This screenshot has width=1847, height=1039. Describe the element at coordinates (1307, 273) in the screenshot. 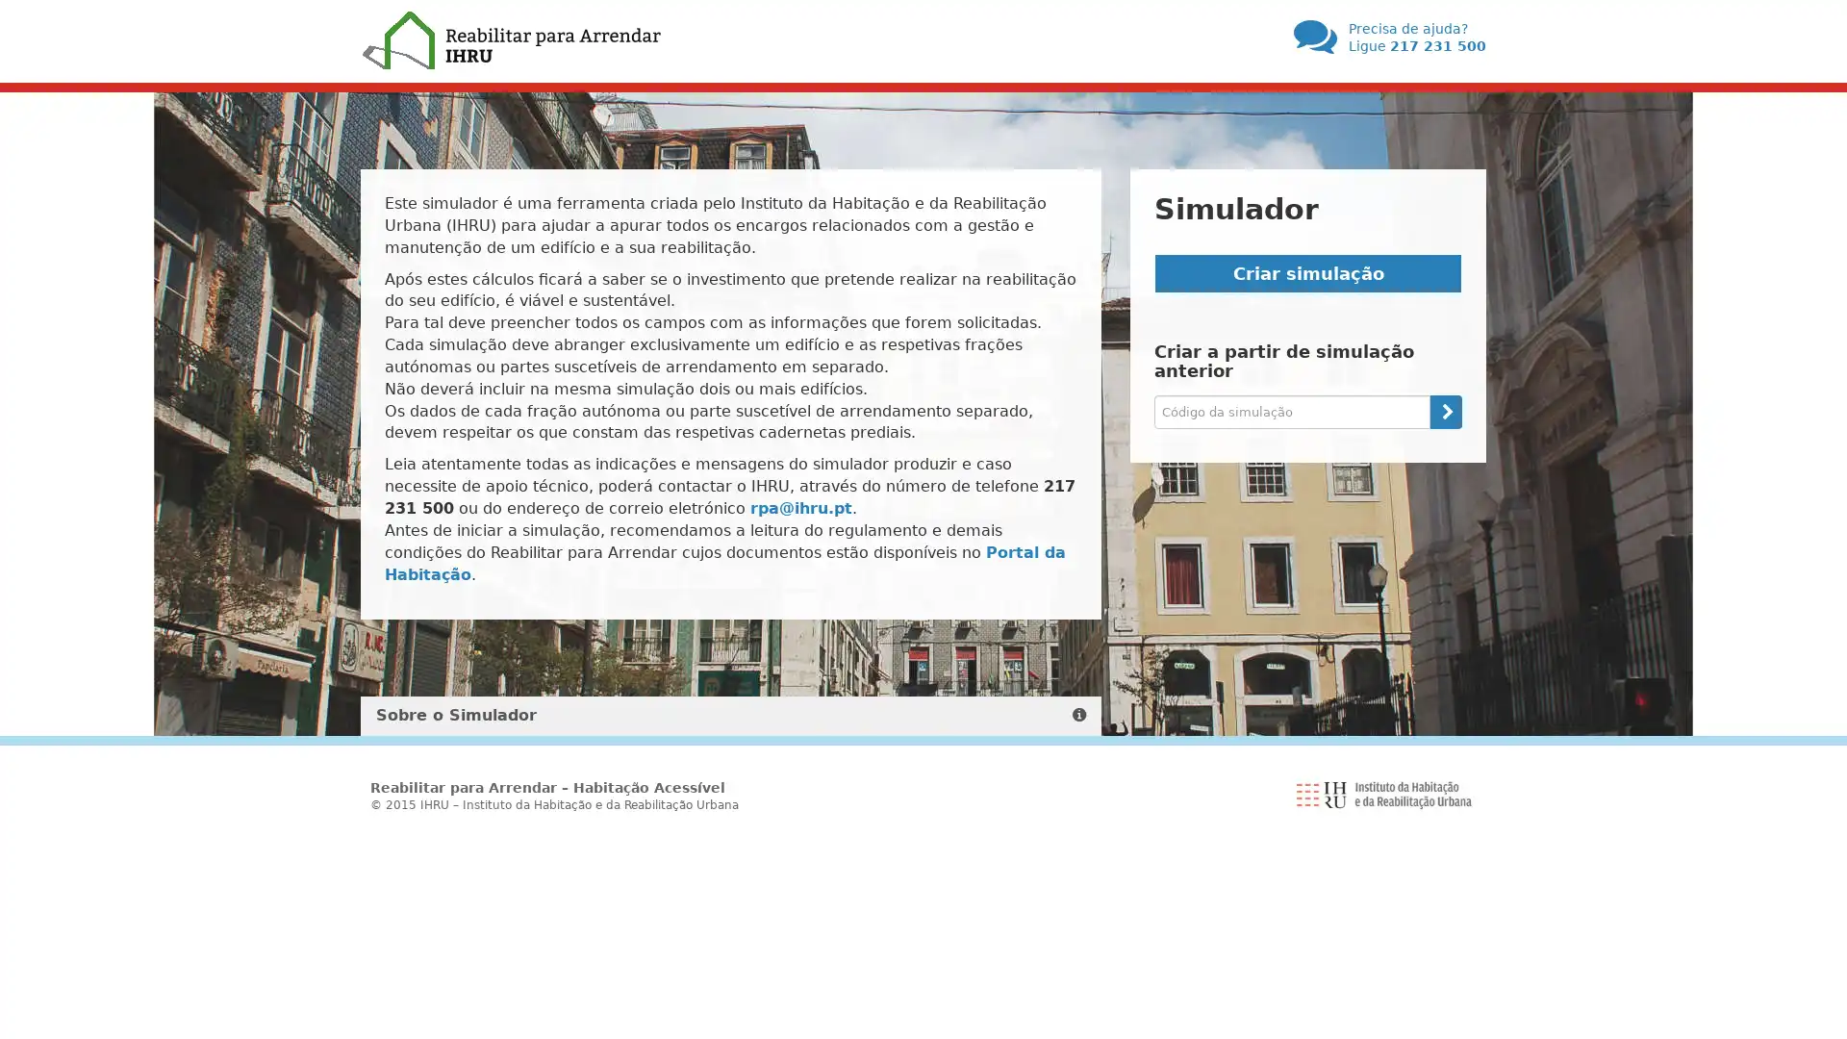

I see `Criar simulacao` at that location.